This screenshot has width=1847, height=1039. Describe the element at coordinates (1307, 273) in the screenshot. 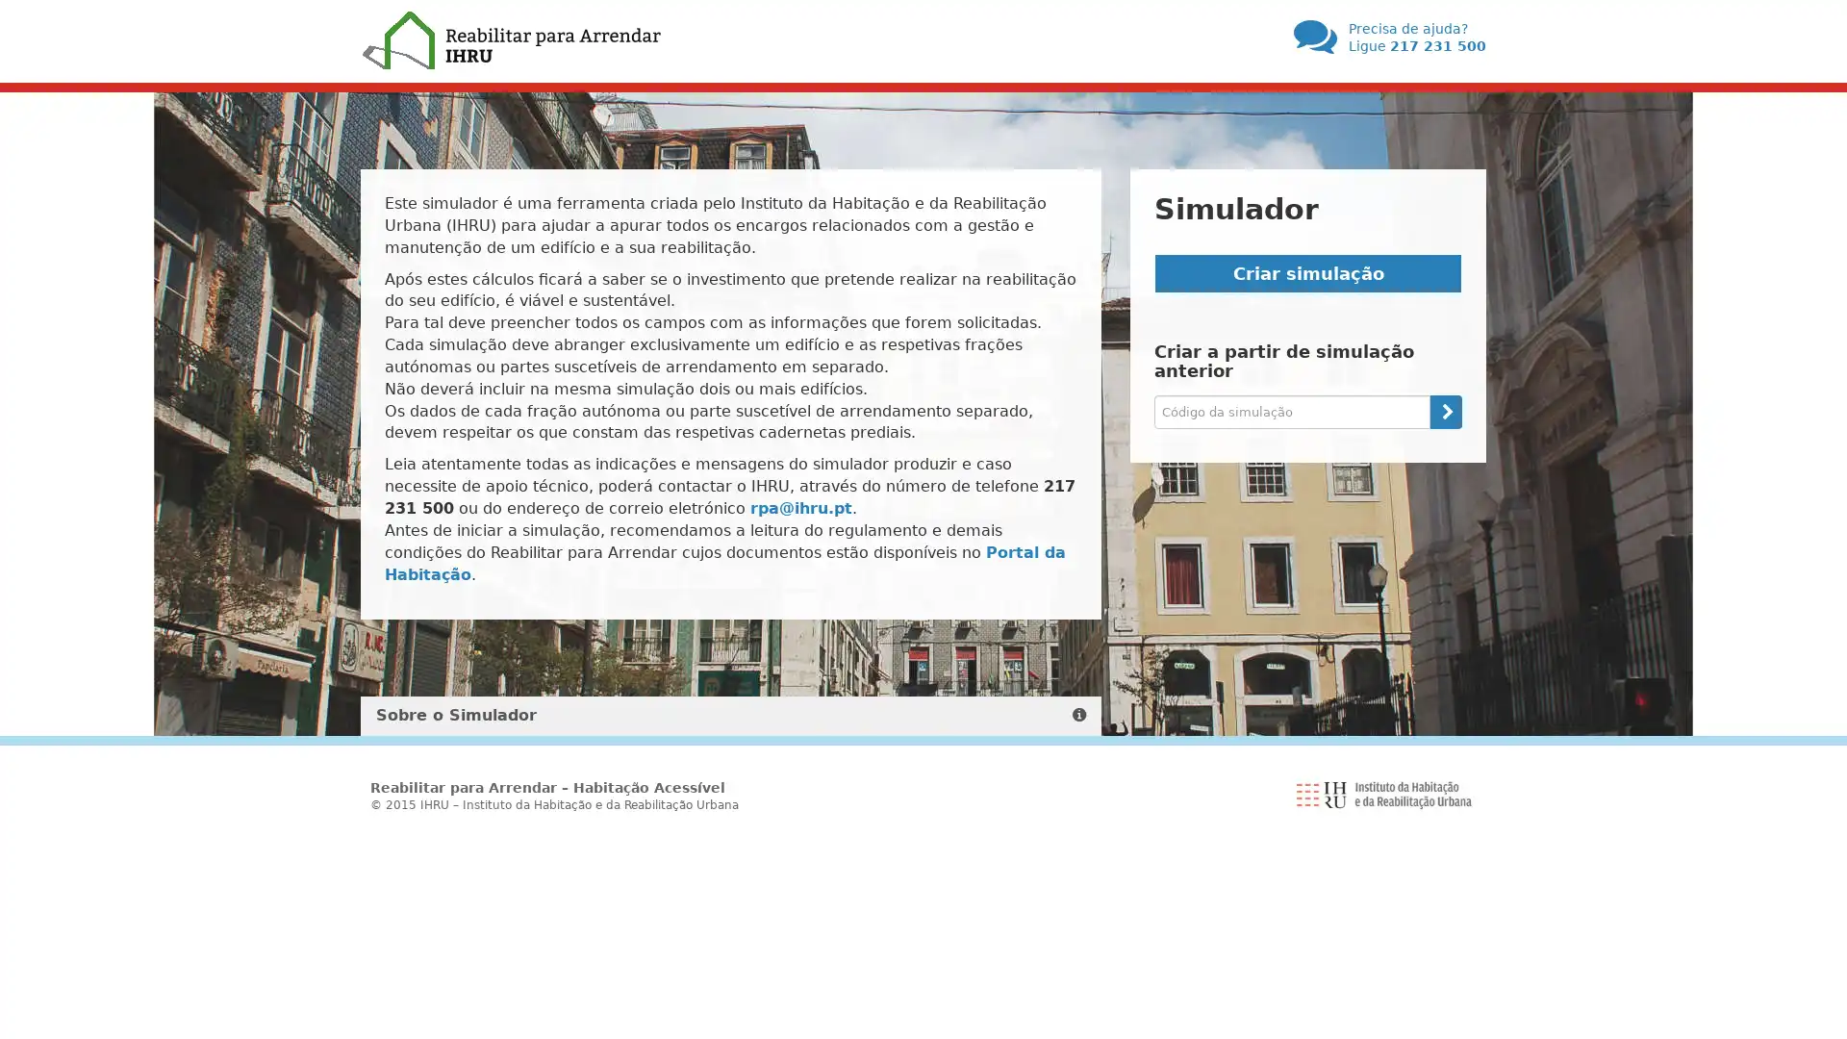

I see `Criar simulacao` at that location.